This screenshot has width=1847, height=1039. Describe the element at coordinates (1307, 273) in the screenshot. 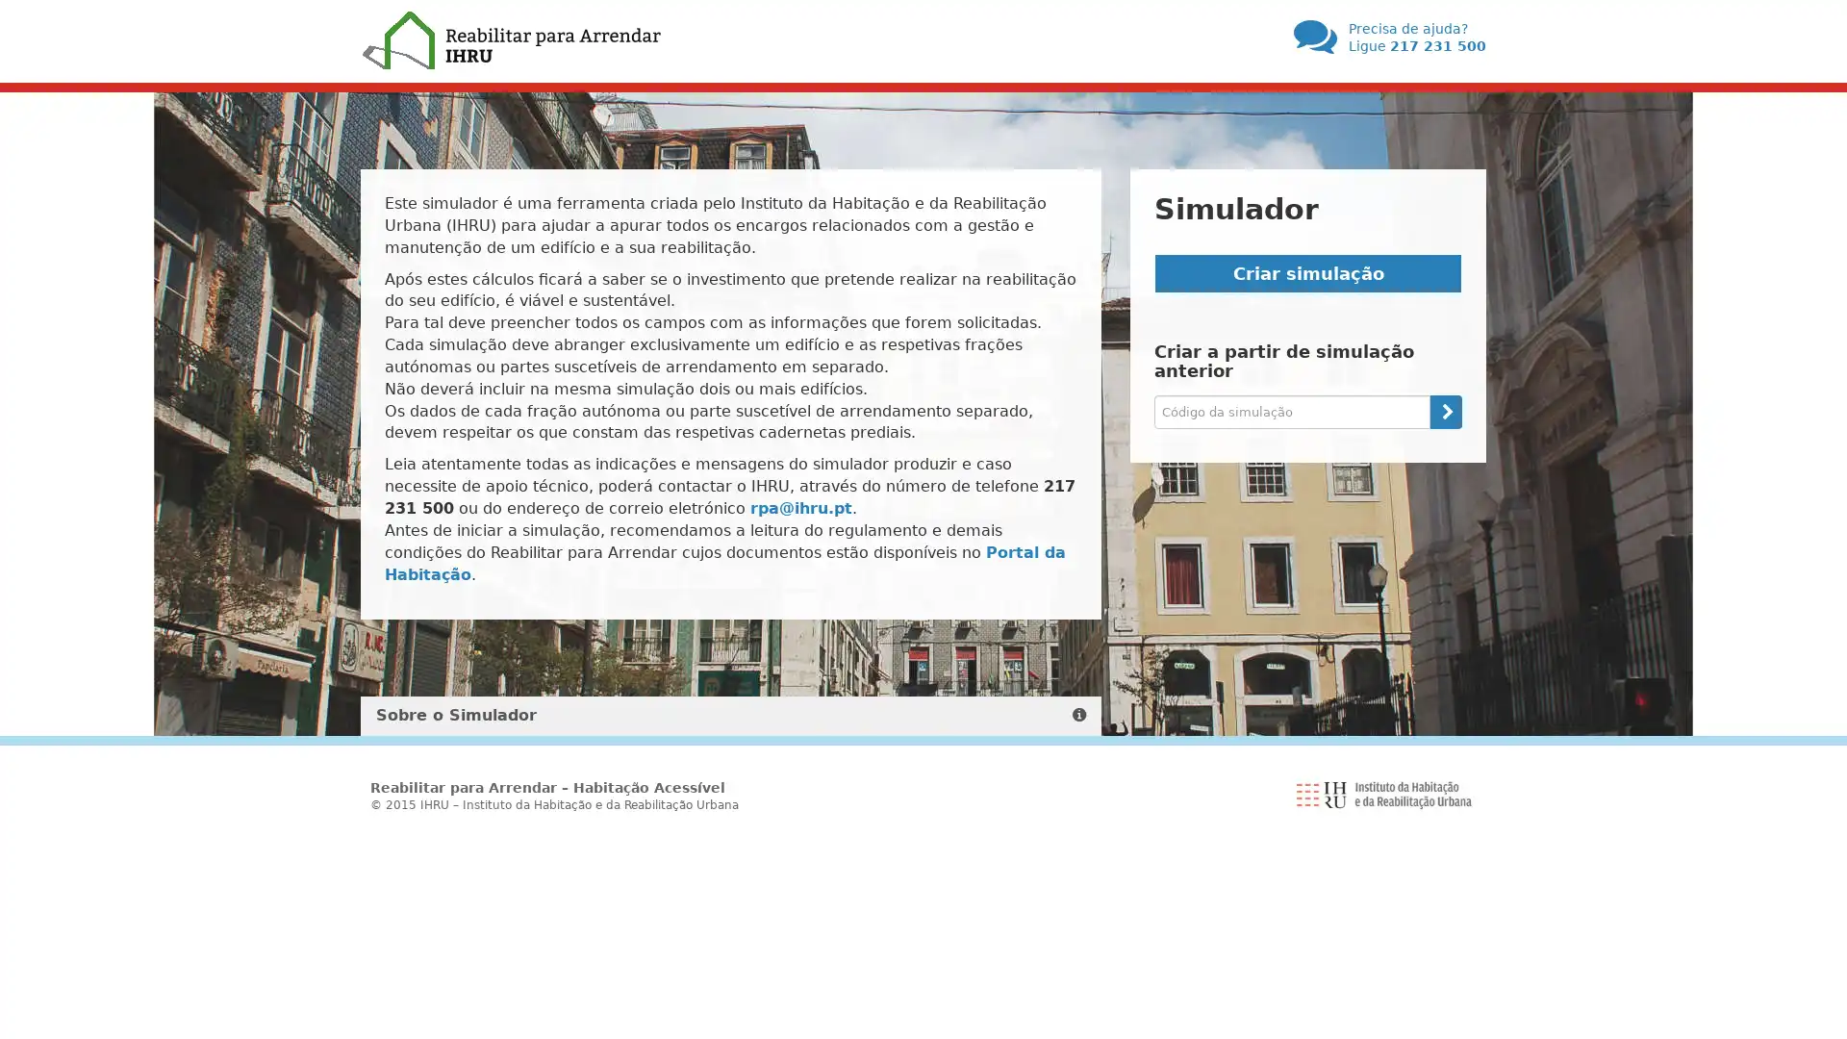

I see `Criar simulacao` at that location.